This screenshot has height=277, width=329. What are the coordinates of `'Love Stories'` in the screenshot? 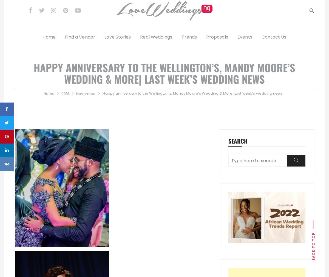 It's located at (104, 37).